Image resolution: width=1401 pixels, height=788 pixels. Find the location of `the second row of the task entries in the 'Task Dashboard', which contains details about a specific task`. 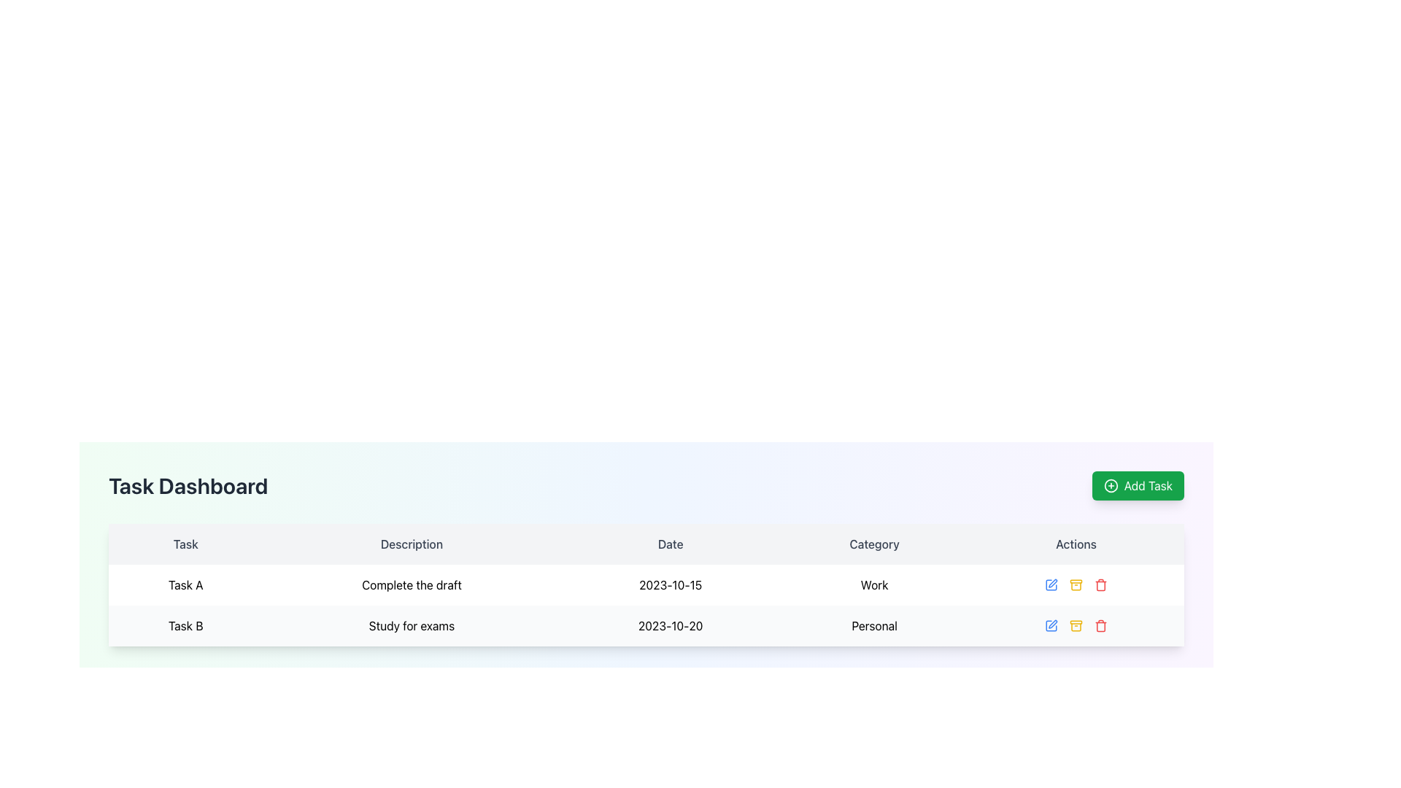

the second row of the task entries in the 'Task Dashboard', which contains details about a specific task is located at coordinates (646, 625).